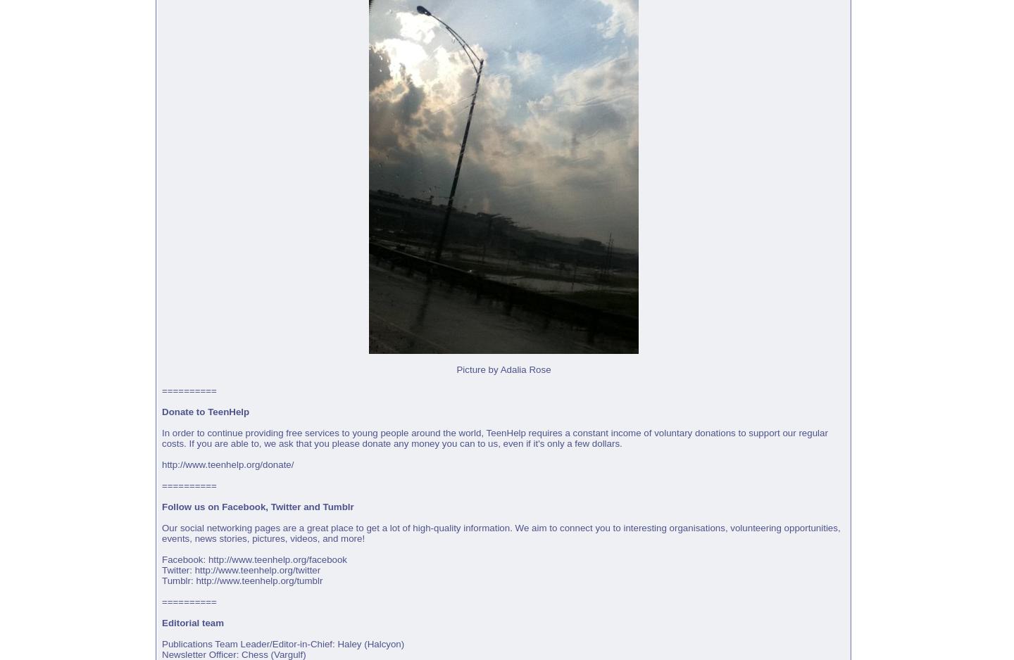  What do you see at coordinates (177, 570) in the screenshot?
I see `'Twitter:'` at bounding box center [177, 570].